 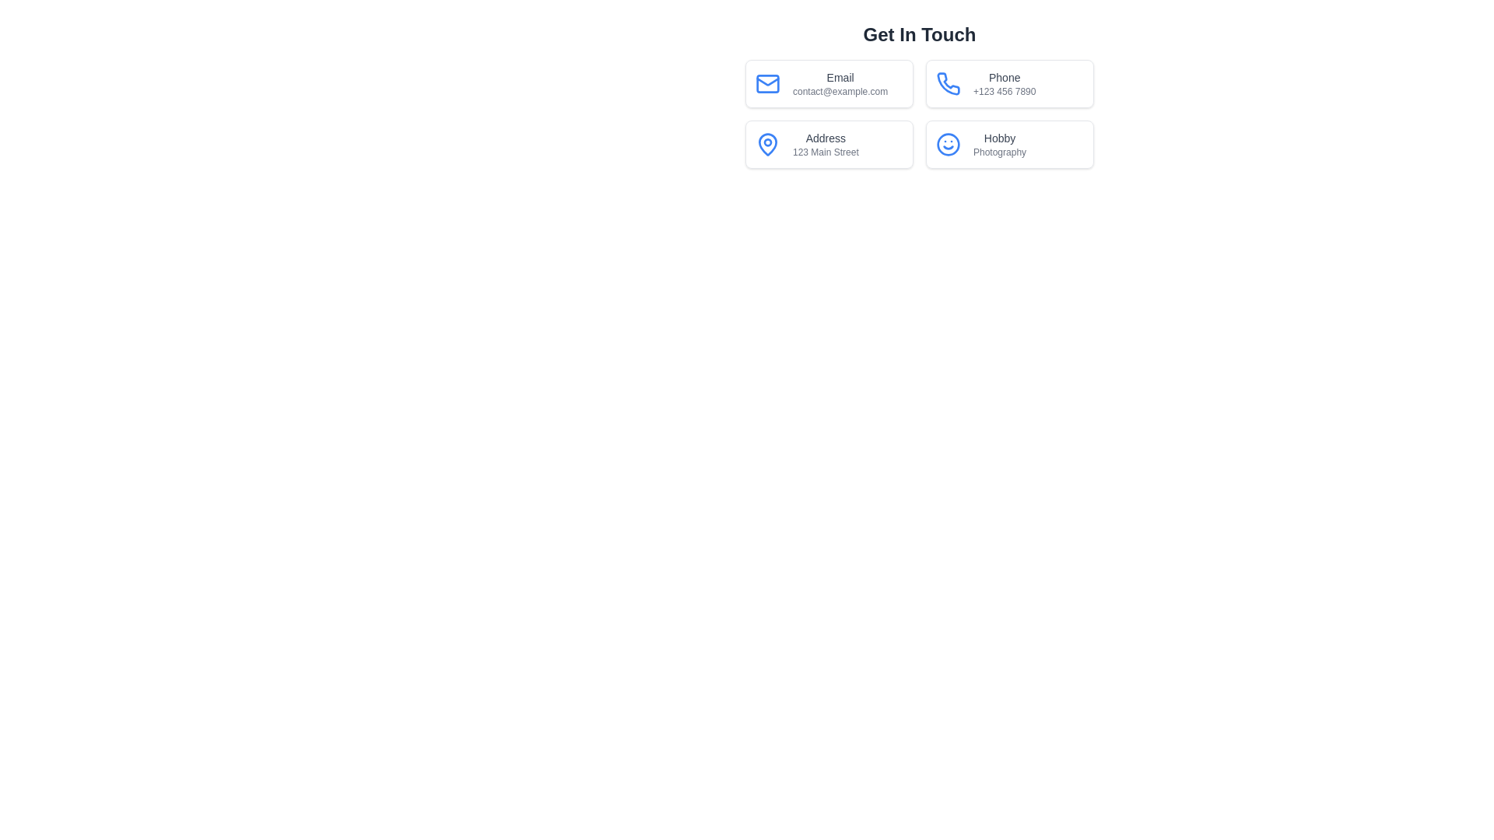 I want to click on the 'Phone' contact method icon located in the second box under the 'Get In Touch' heading, which is positioned at the top right corner of the grid, to the left of the text '+123 456 7890', so click(x=948, y=84).